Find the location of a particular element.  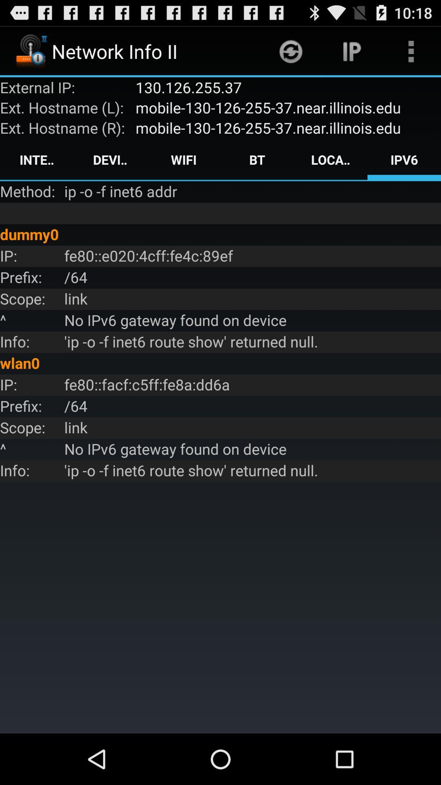

the interface is located at coordinates (36, 159).